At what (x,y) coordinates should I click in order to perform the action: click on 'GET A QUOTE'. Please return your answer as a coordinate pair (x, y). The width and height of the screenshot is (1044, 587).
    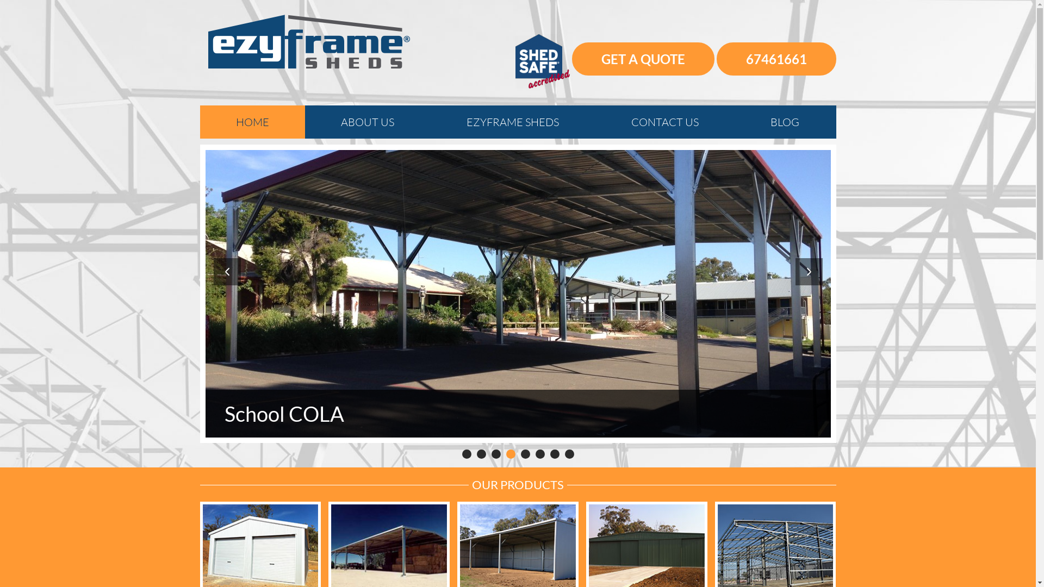
    Looking at the image, I should click on (643, 59).